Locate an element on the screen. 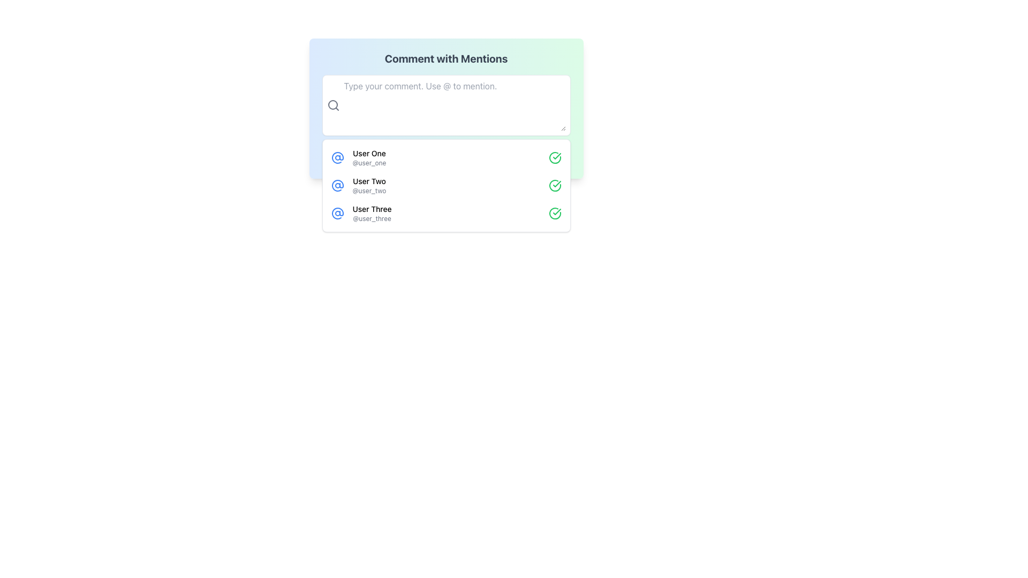 The width and height of the screenshot is (1028, 578). the first item in the dropdown list representing 'User One' is located at coordinates (446, 157).